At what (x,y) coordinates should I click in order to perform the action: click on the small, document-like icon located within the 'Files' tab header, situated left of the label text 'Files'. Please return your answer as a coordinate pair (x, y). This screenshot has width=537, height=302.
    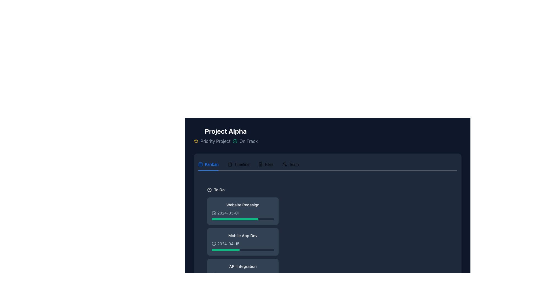
    Looking at the image, I should click on (260, 164).